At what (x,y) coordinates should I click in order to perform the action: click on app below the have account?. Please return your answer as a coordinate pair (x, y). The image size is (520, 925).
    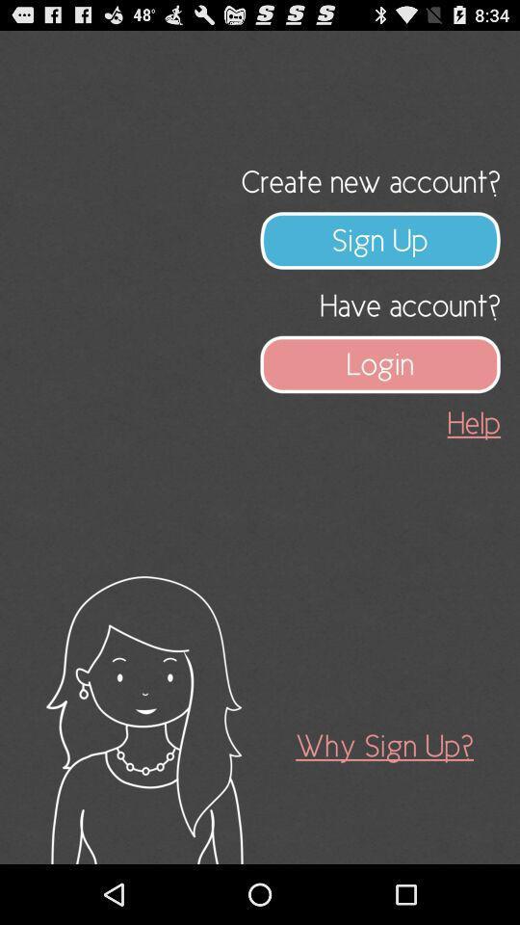
    Looking at the image, I should click on (380, 363).